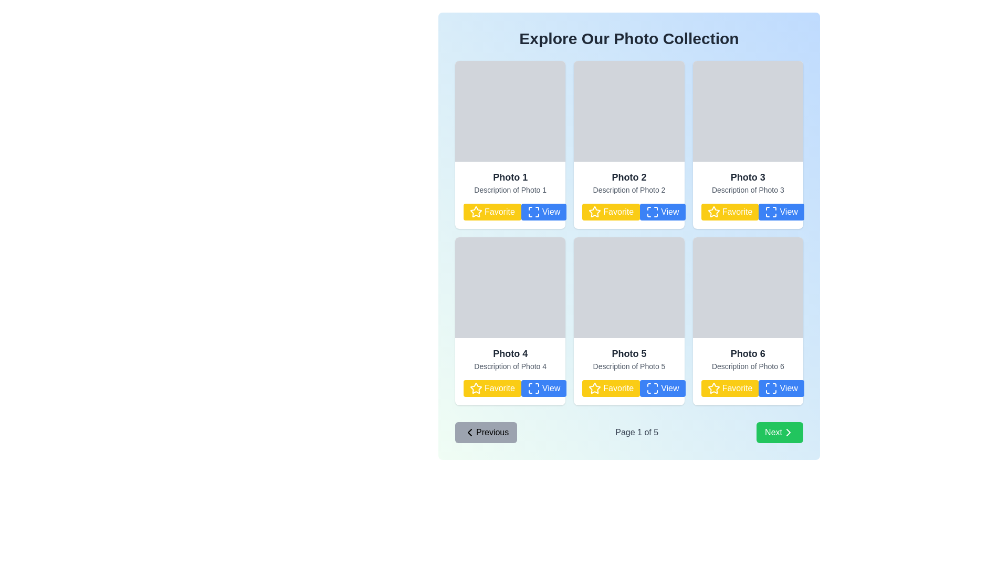 Image resolution: width=1008 pixels, height=567 pixels. I want to click on the yellow star-shaped 'Favorite' icon, so click(476, 212).